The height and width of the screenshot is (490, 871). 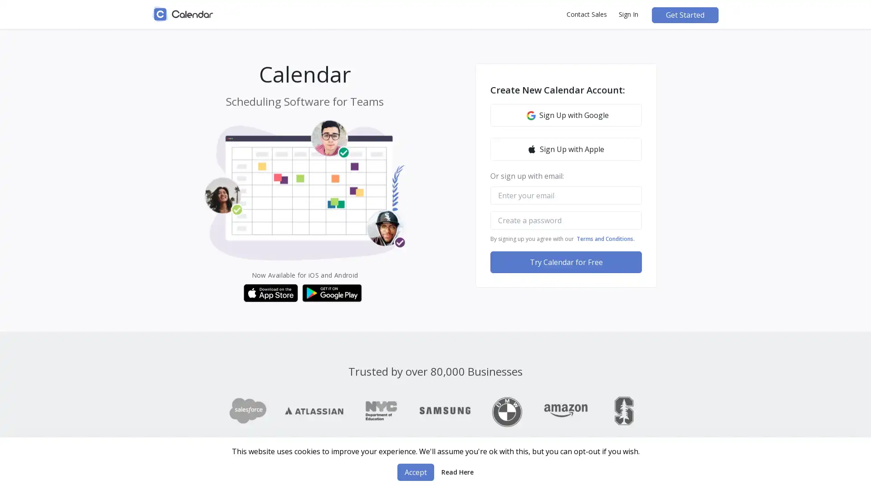 What do you see at coordinates (566, 262) in the screenshot?
I see `Try Calendar for Free` at bounding box center [566, 262].